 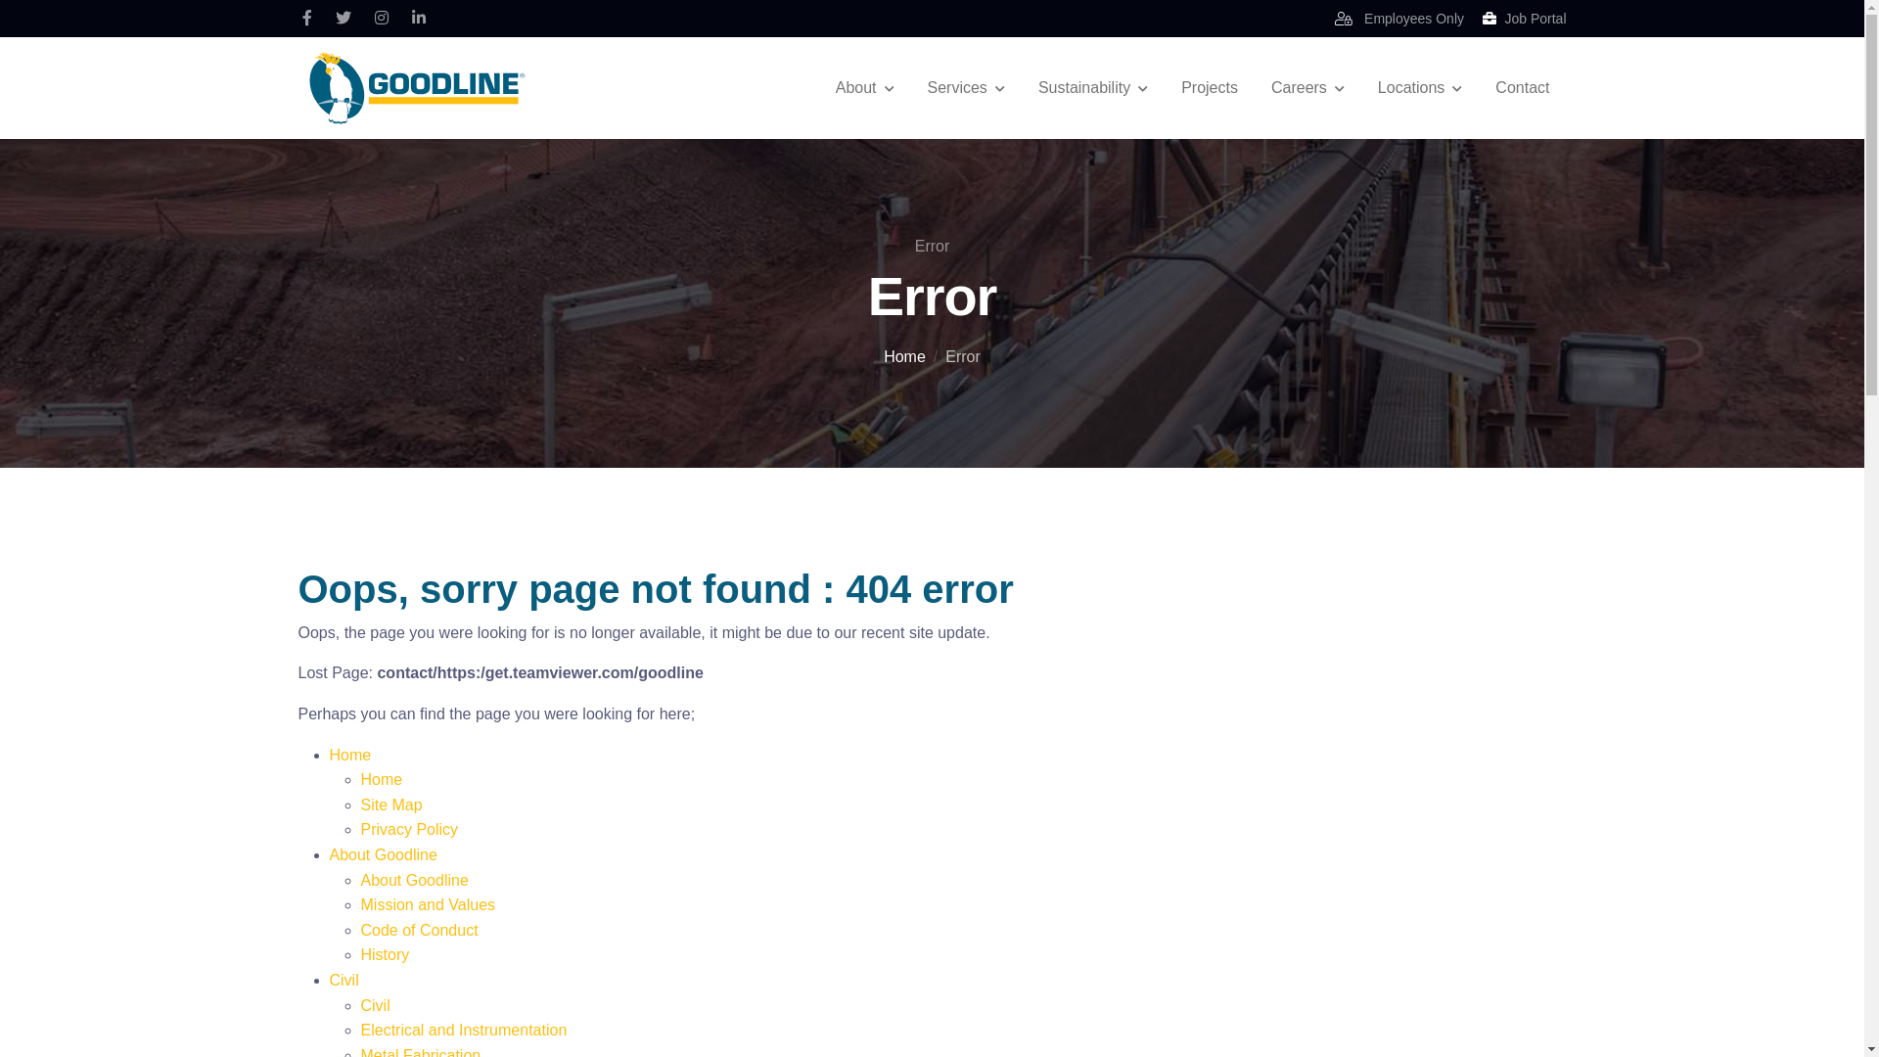 I want to click on 'Code of Conduct', so click(x=417, y=929).